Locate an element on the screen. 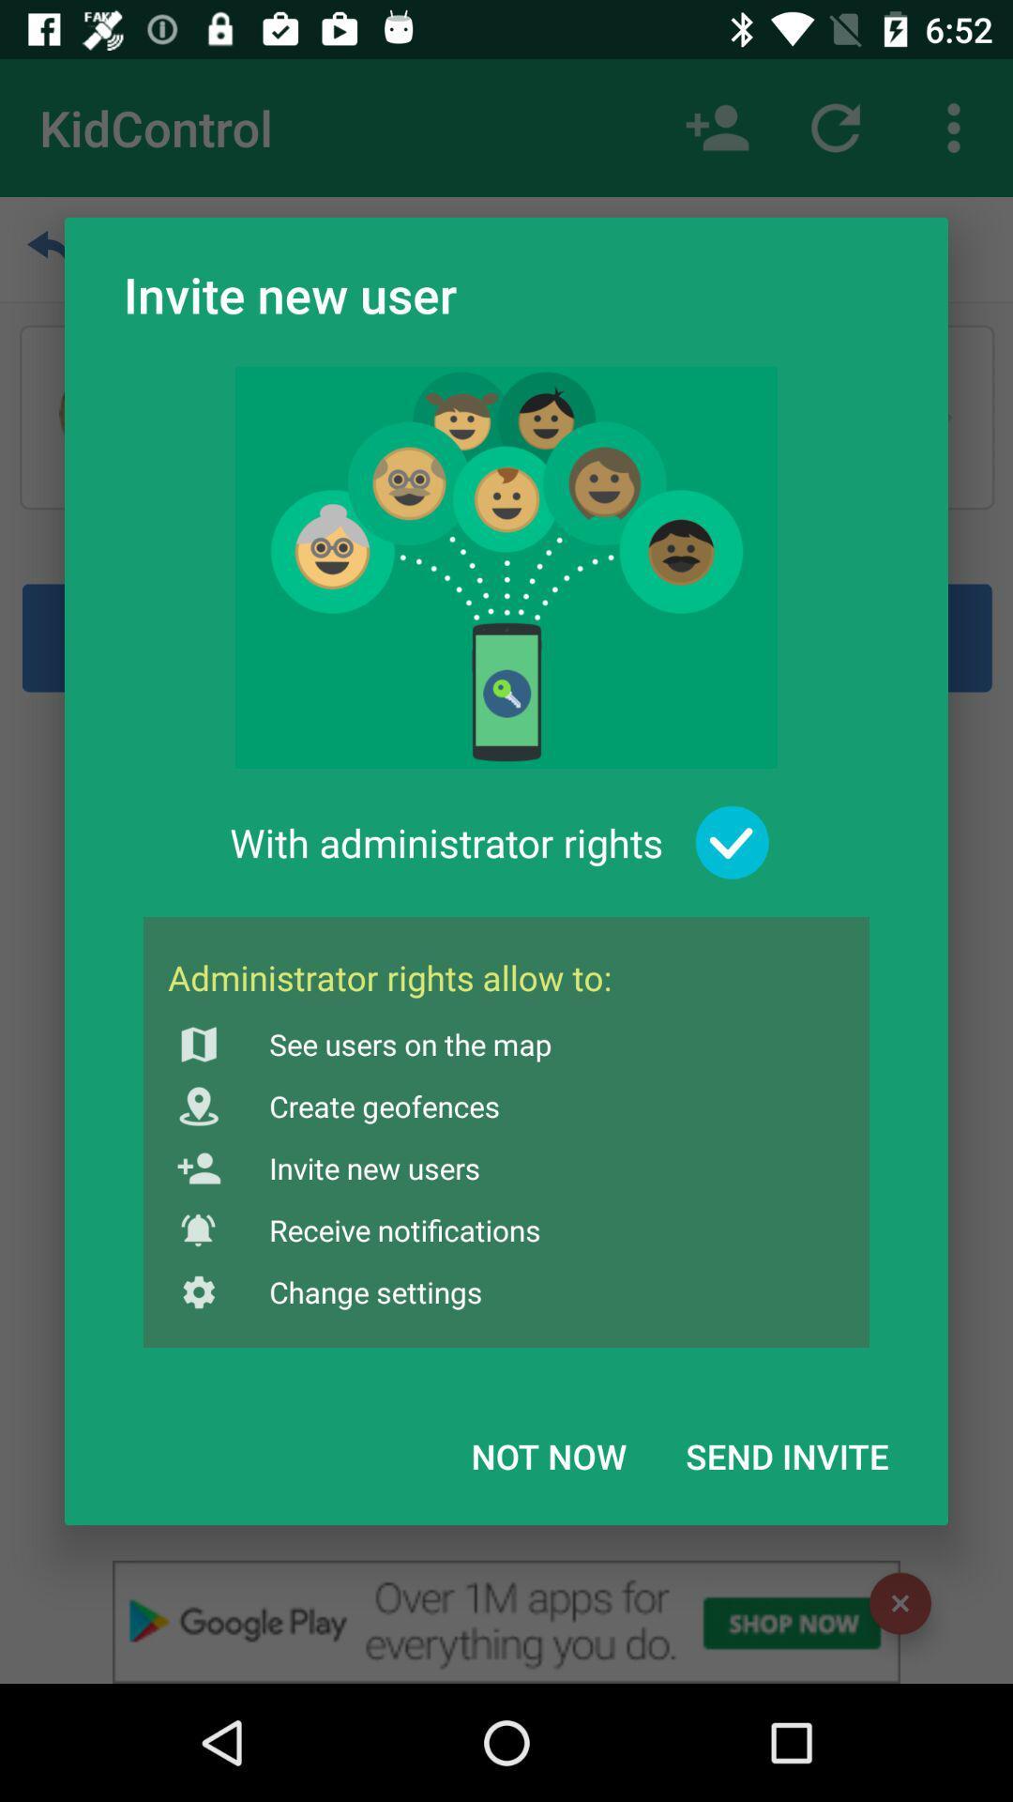 This screenshot has height=1802, width=1013. item on the right is located at coordinates (732, 842).